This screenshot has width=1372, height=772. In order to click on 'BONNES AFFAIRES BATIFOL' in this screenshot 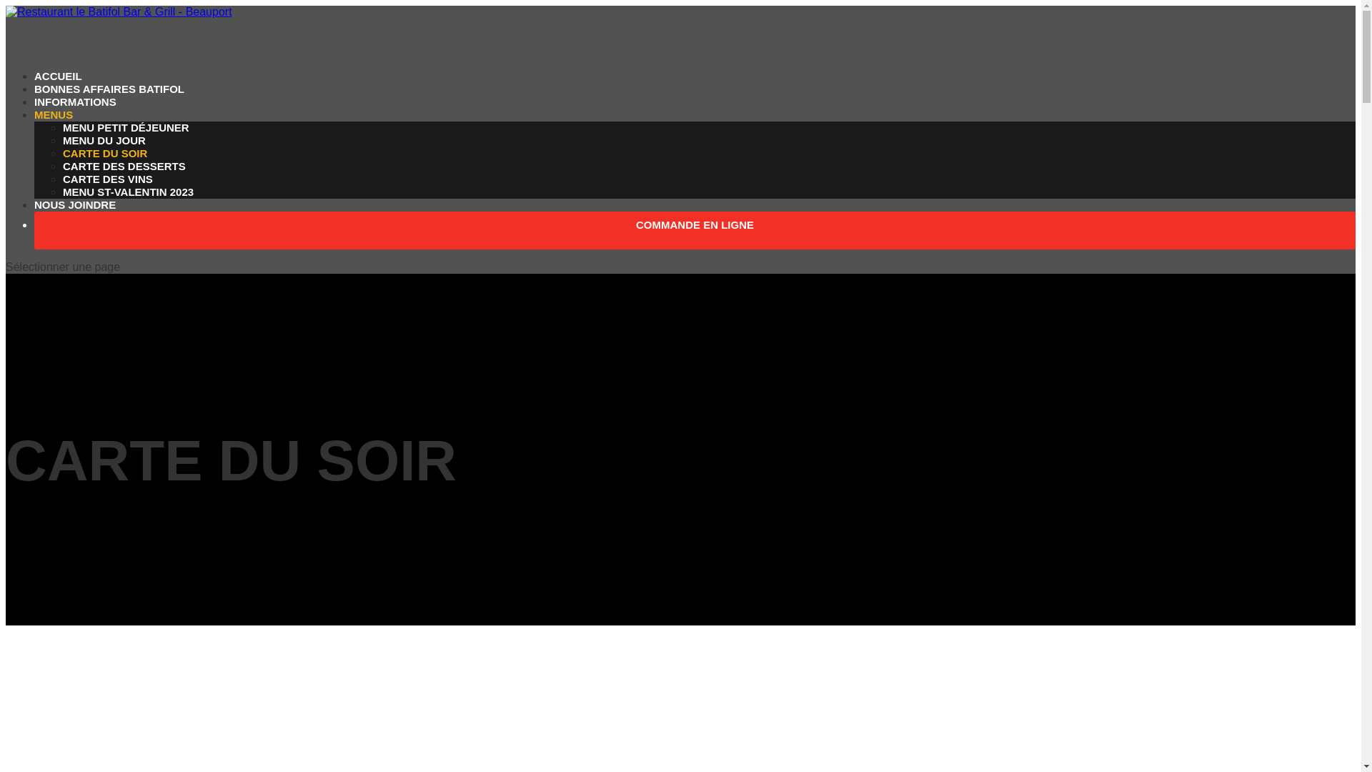, I will do `click(109, 108)`.